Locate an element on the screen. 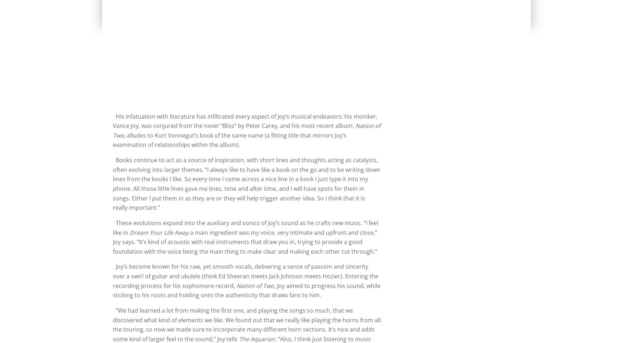  'The Aquarian' is located at coordinates (256, 339).